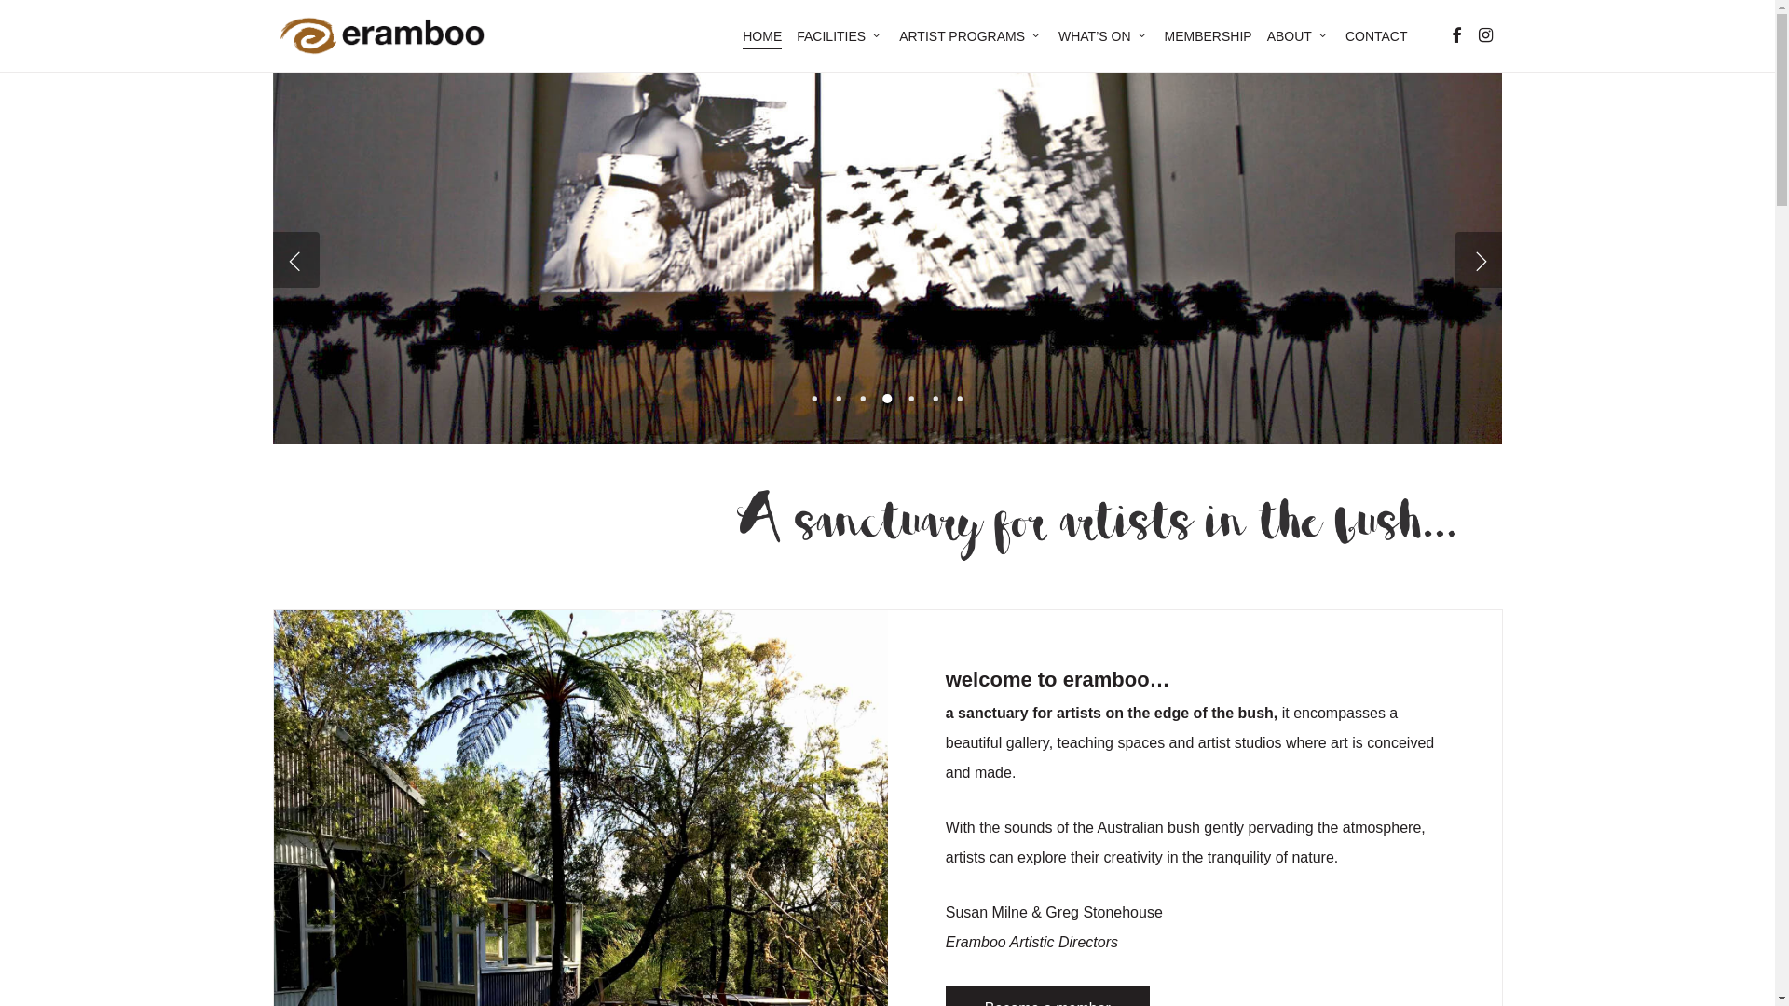  Describe the element at coordinates (1297, 35) in the screenshot. I see `'ABOUT'` at that location.